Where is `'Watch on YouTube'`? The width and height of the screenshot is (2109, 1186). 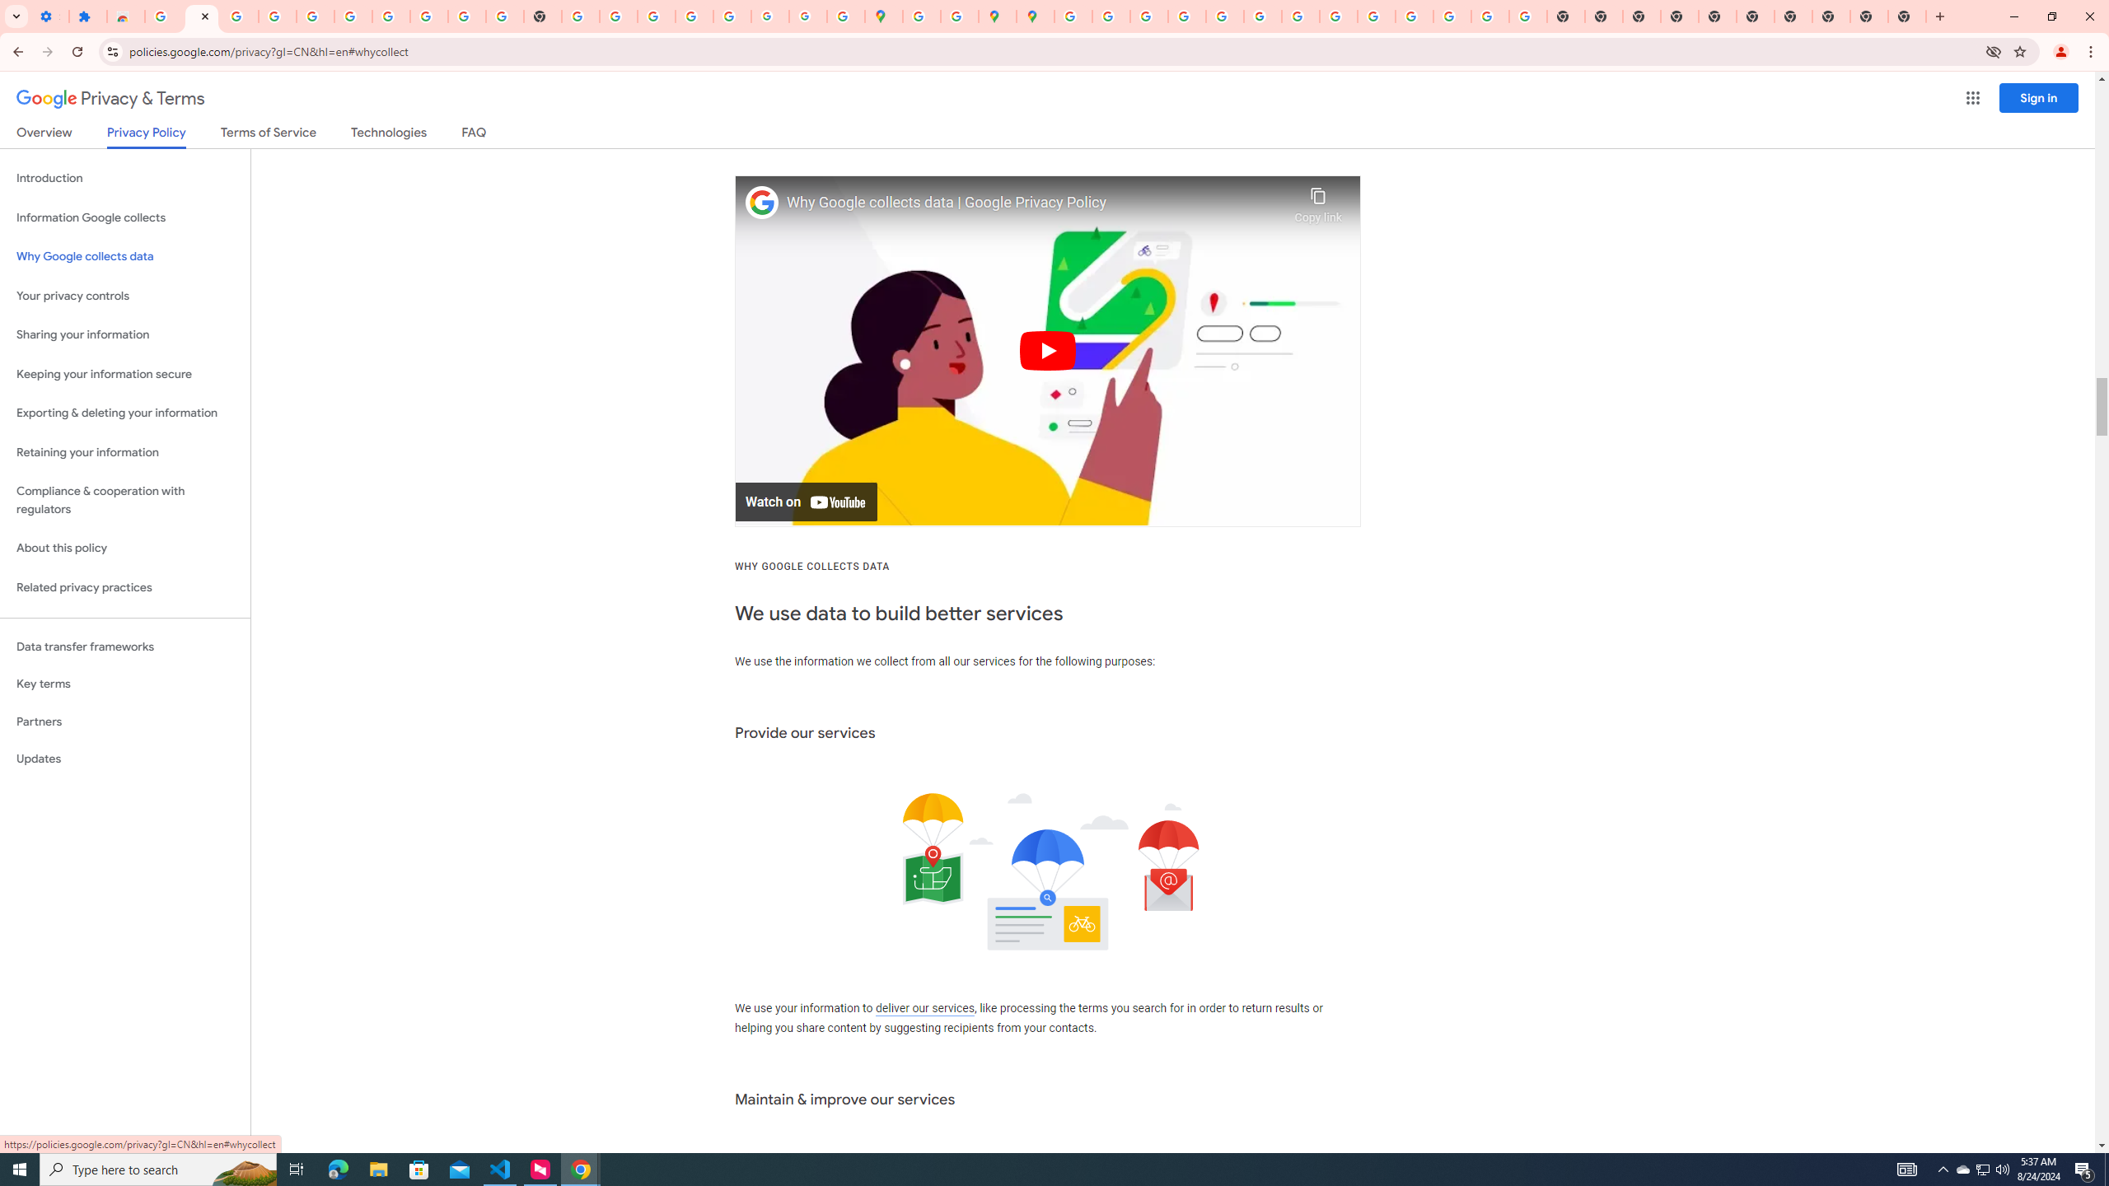
'Watch on YouTube' is located at coordinates (806, 501).